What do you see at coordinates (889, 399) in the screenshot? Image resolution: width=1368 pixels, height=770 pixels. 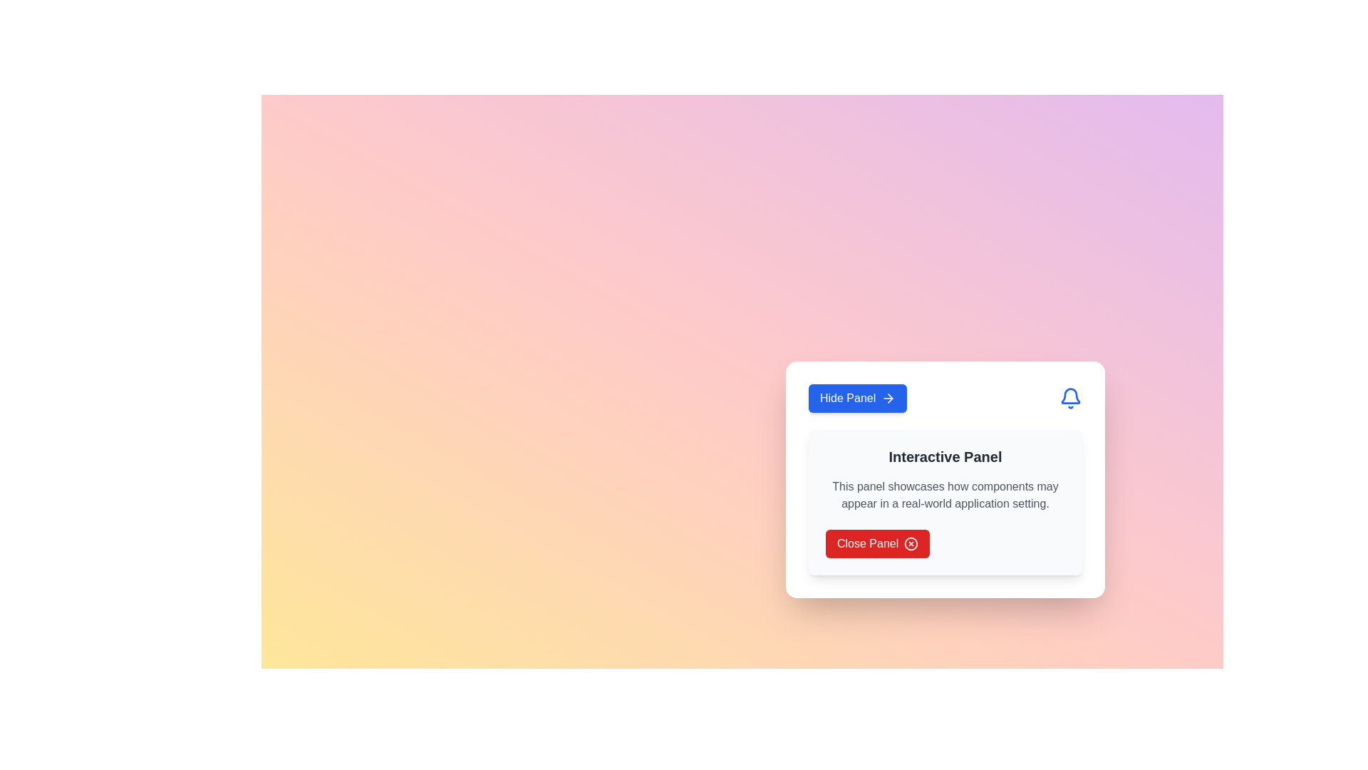 I see `the forward icon located to the right of the 'Hide Panel' button in the upper-left corner of the main interactive panel` at bounding box center [889, 399].